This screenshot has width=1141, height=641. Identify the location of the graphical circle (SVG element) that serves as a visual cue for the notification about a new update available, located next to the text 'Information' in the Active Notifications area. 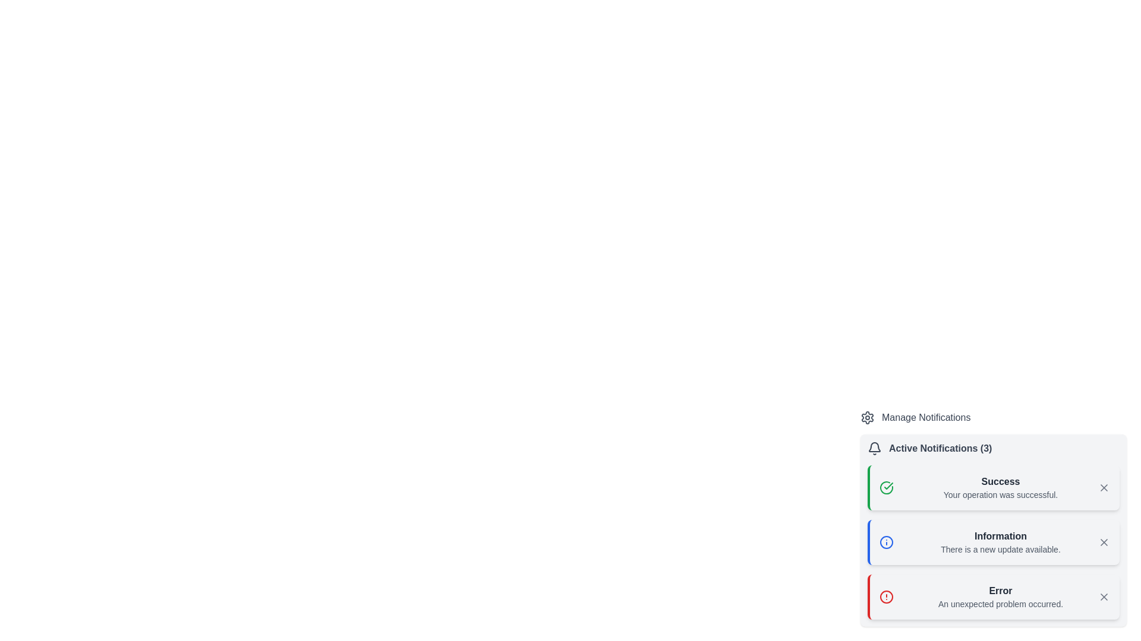
(887, 542).